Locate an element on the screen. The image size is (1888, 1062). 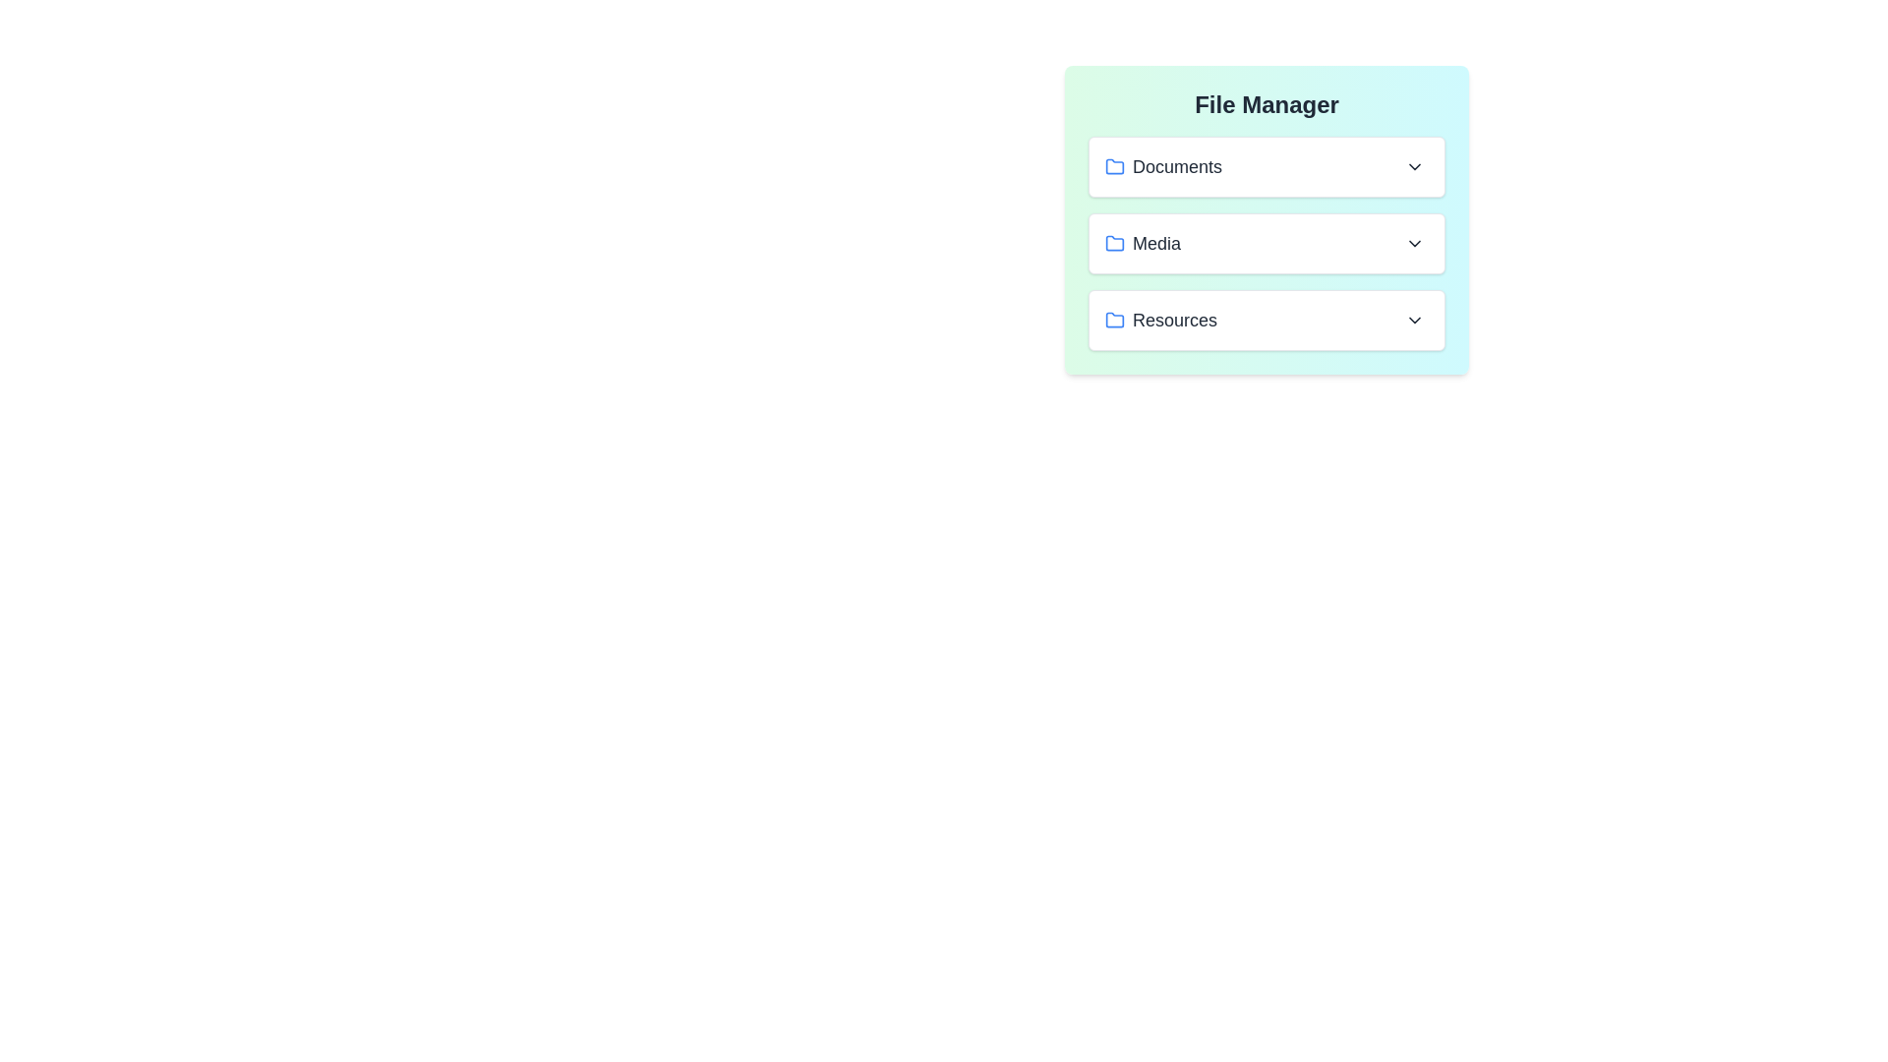
the file Tutorial.pdf from the folder Media is located at coordinates (1267, 242).